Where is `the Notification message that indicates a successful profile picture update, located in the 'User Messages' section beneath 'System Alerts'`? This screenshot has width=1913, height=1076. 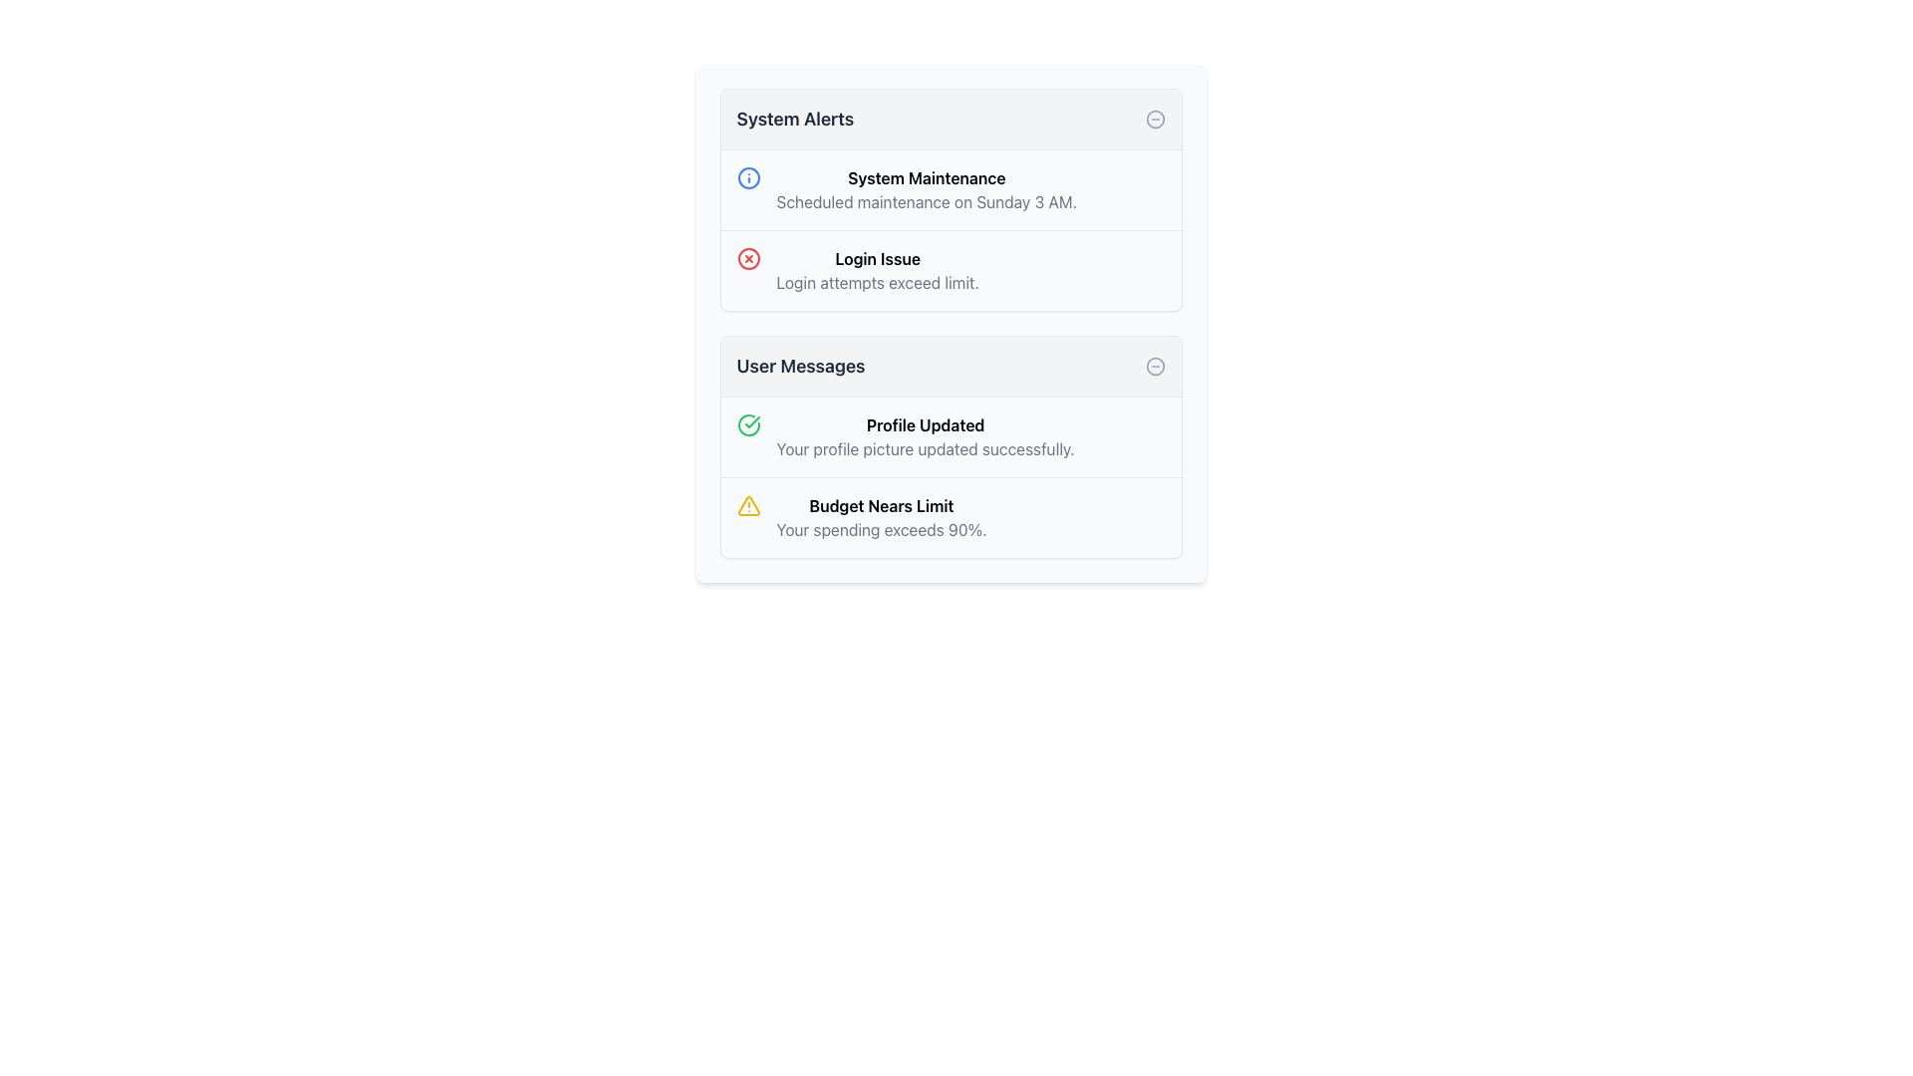
the Notification message that indicates a successful profile picture update, located in the 'User Messages' section beneath 'System Alerts' is located at coordinates (925, 436).